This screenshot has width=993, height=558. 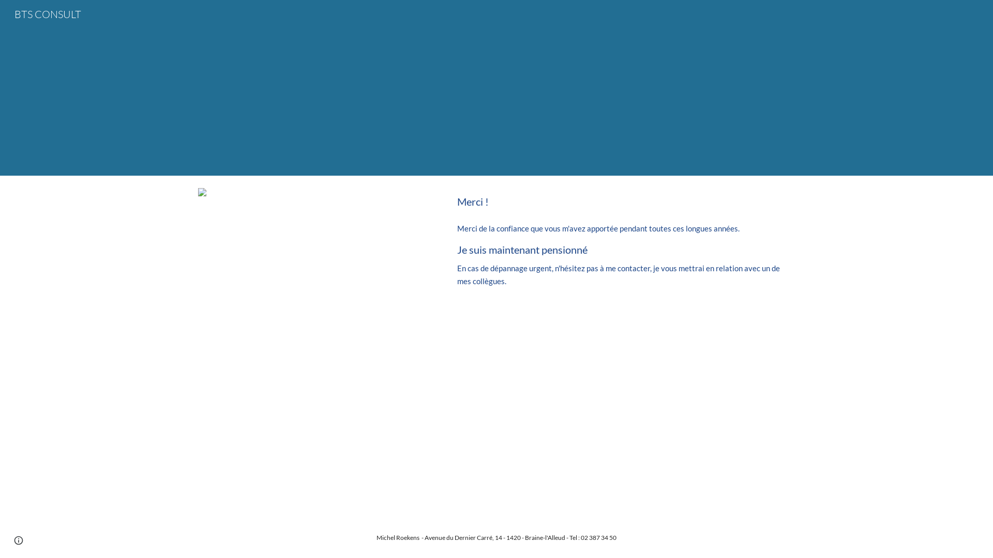 I want to click on 'BTS CONSULT', so click(x=8, y=13).